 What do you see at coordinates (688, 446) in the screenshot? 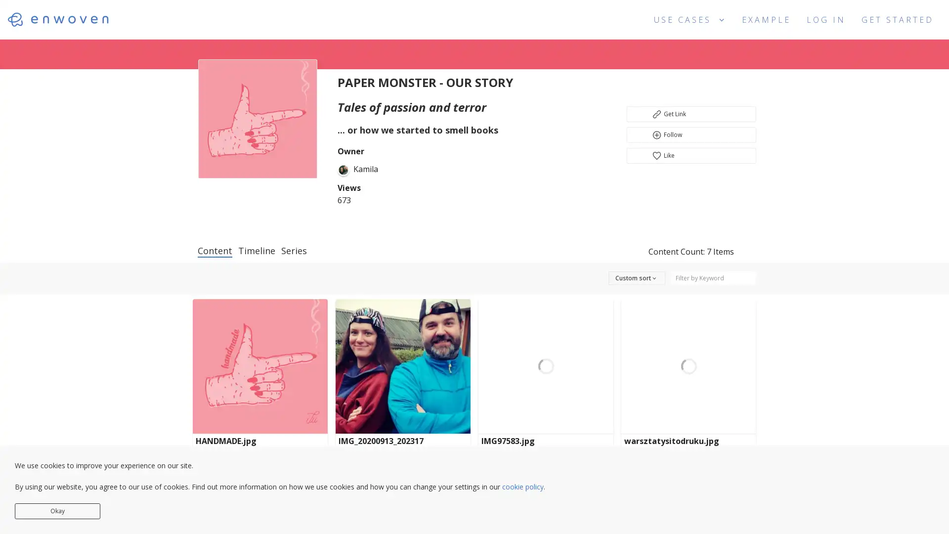
I see `warsztatysitodruku.jpg` at bounding box center [688, 446].